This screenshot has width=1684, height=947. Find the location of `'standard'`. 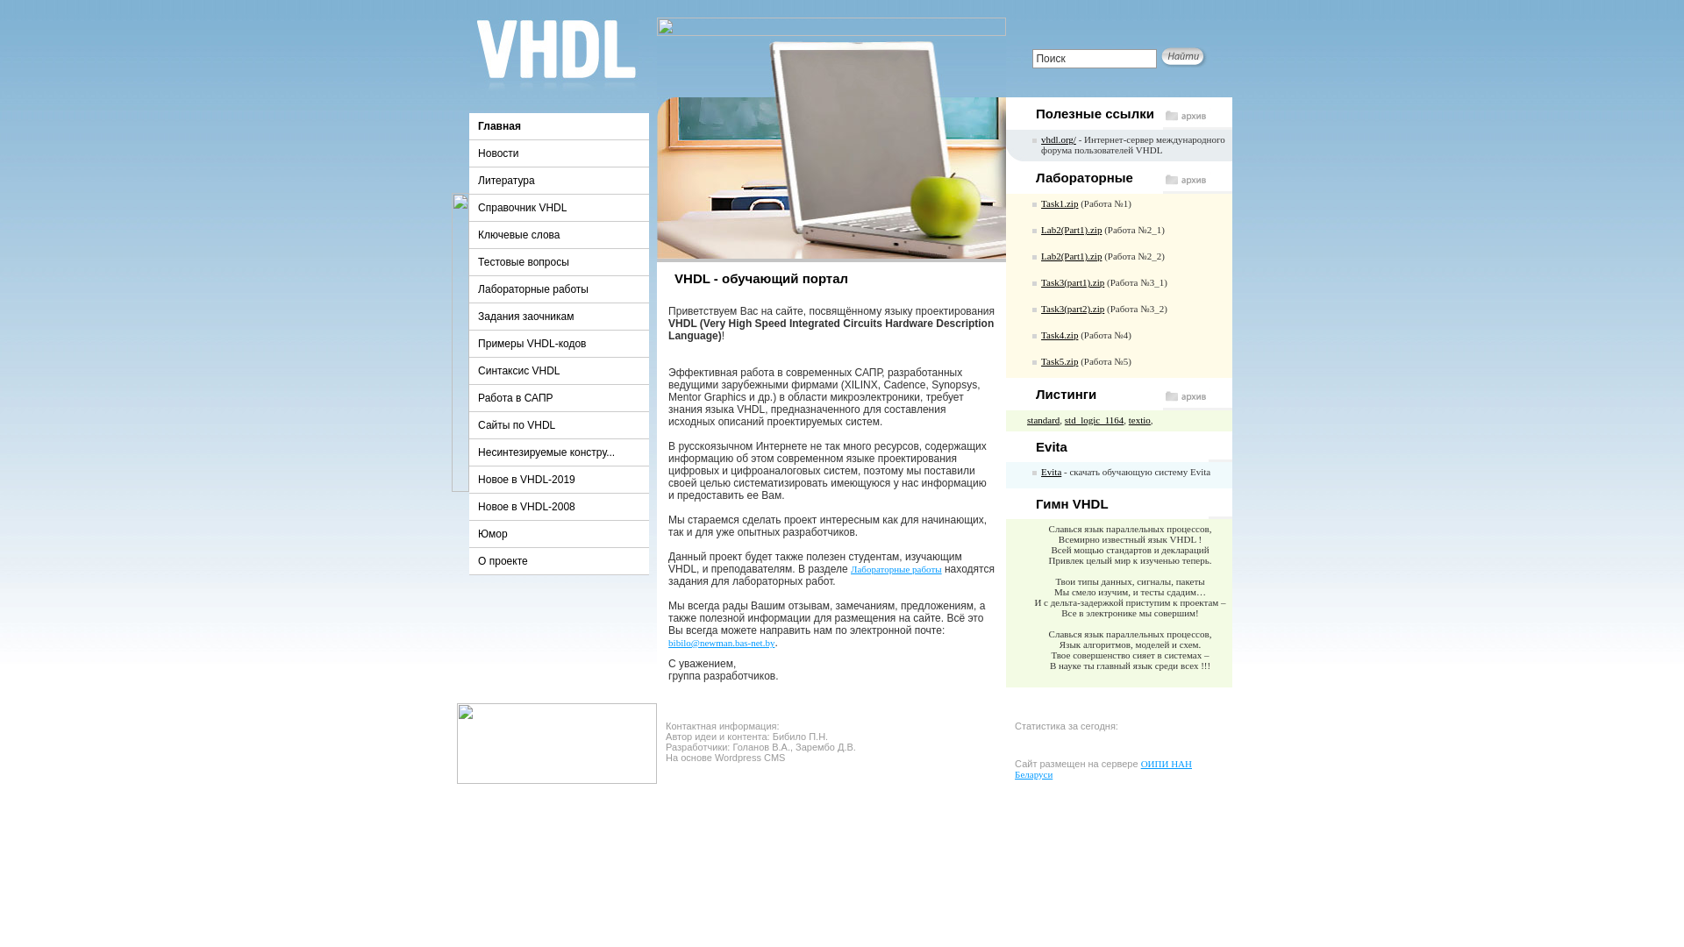

'standard' is located at coordinates (1043, 419).